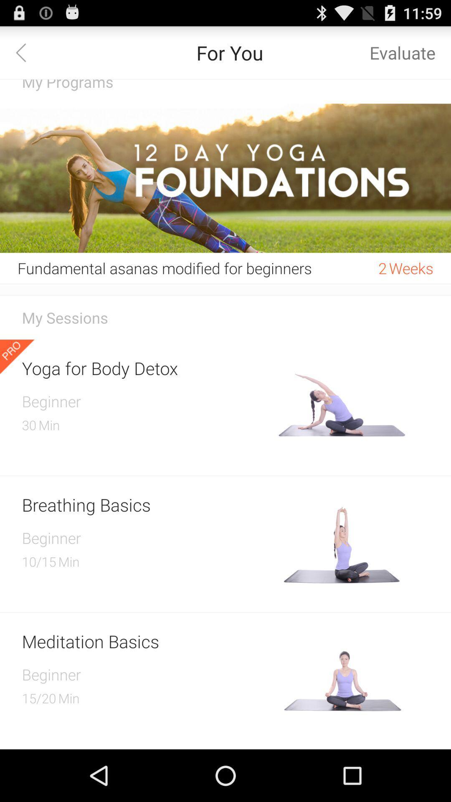  Describe the element at coordinates (225, 295) in the screenshot. I see `the icon above my sessions icon` at that location.